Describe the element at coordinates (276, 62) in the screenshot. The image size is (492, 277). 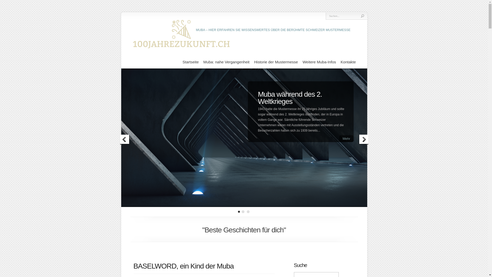
I see `'Historie der Mustermesse'` at that location.